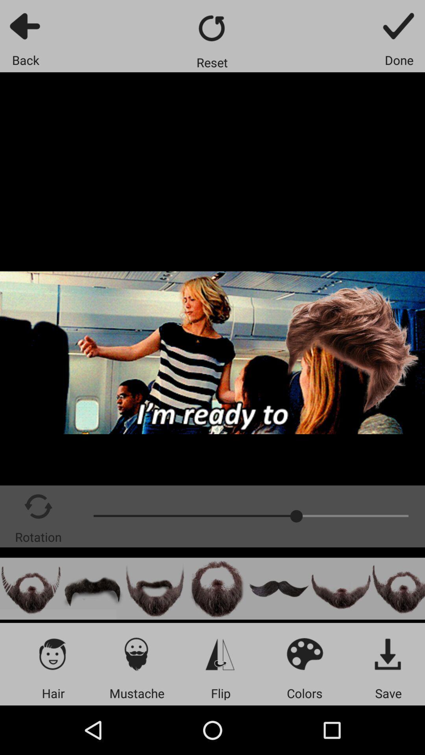 The height and width of the screenshot is (755, 425). What do you see at coordinates (30, 589) in the screenshot?
I see `choose a style` at bounding box center [30, 589].